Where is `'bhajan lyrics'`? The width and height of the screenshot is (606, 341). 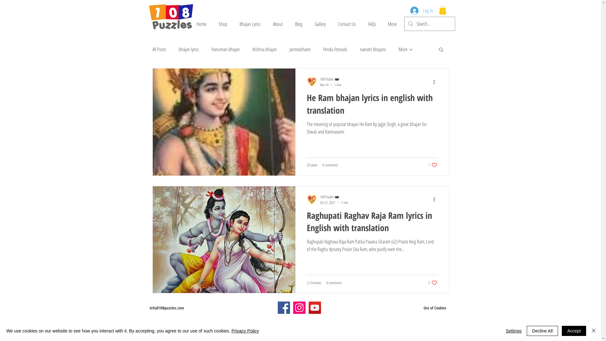 'bhajan lyrics' is located at coordinates (188, 49).